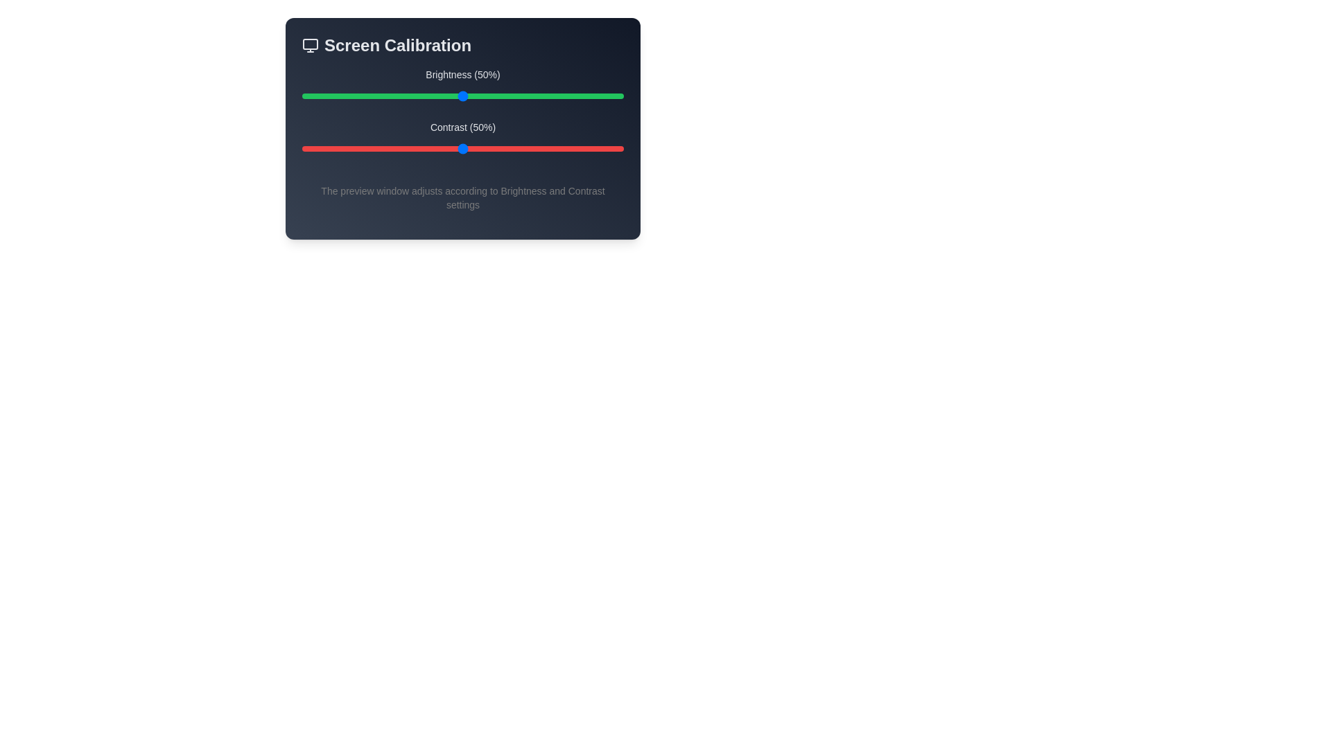 Image resolution: width=1331 pixels, height=748 pixels. What do you see at coordinates (546, 149) in the screenshot?
I see `the contrast slider to 76%` at bounding box center [546, 149].